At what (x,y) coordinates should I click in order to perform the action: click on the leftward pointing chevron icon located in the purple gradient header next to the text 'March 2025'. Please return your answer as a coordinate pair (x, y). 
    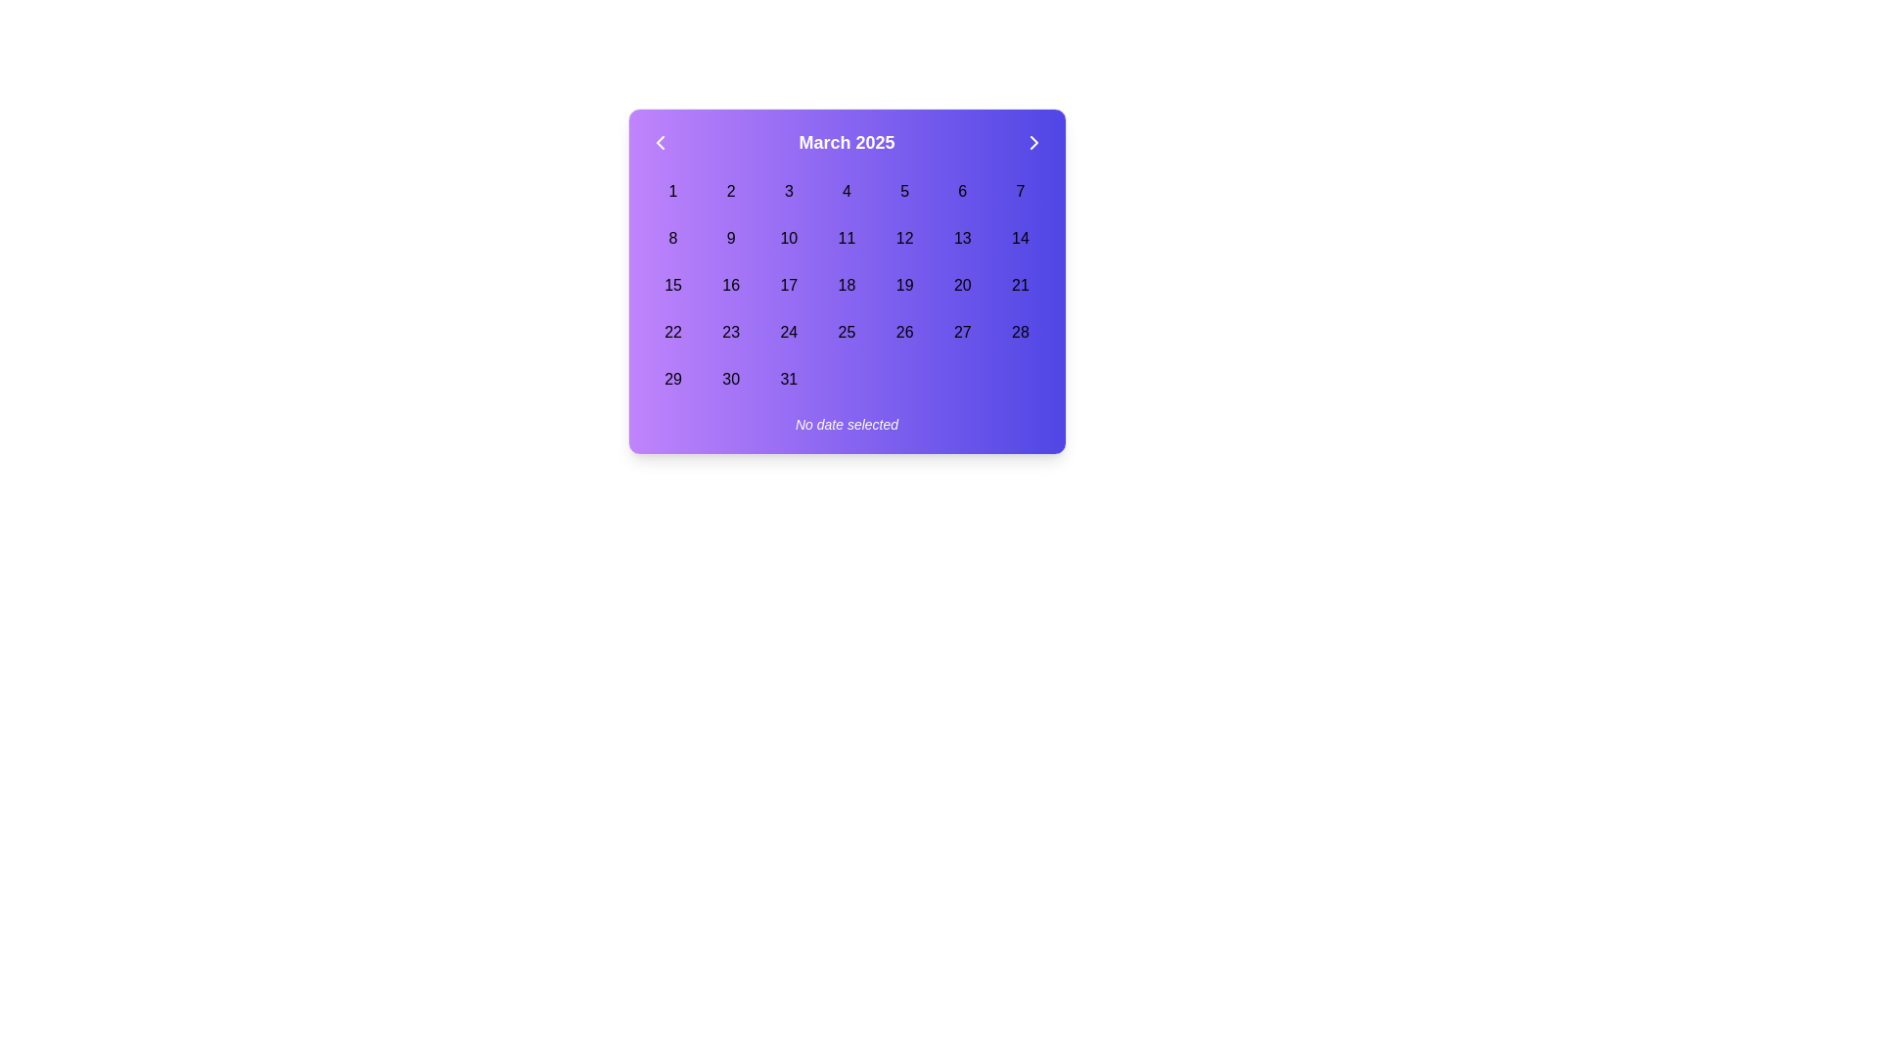
    Looking at the image, I should click on (660, 142).